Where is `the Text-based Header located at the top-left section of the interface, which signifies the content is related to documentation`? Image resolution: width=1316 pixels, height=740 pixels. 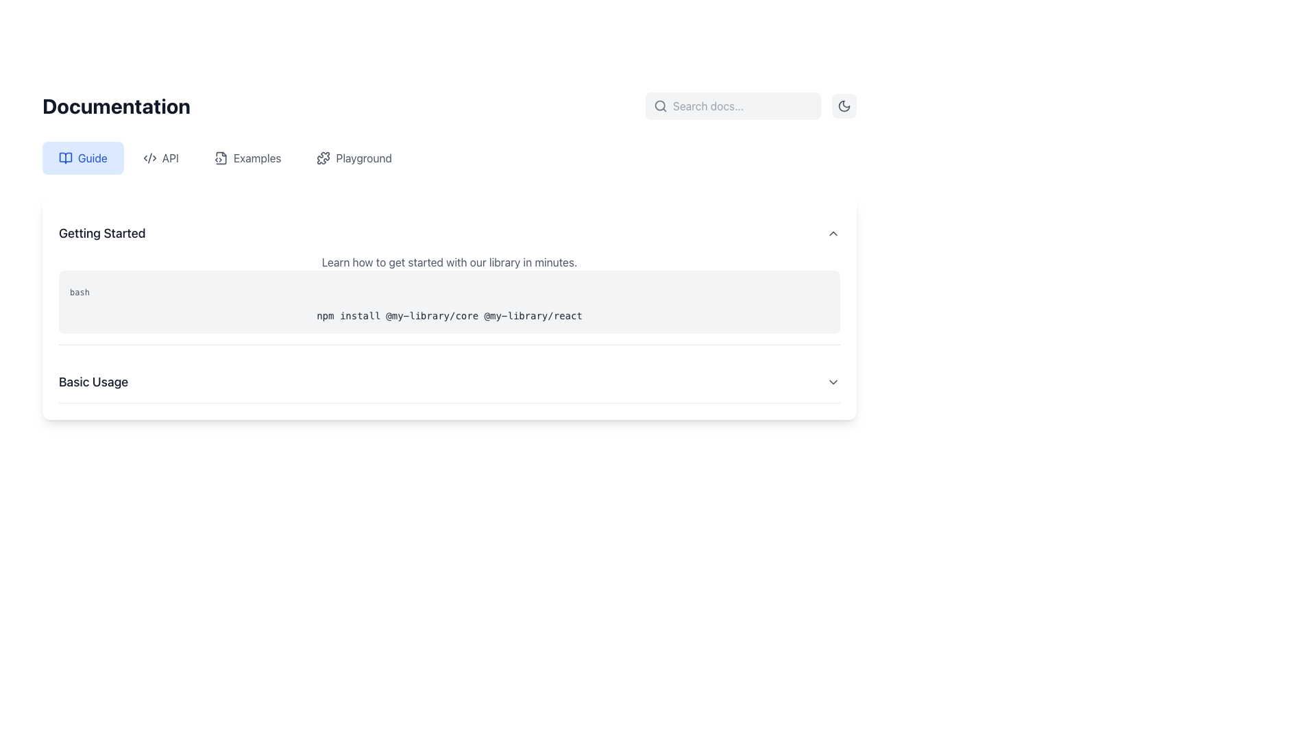 the Text-based Header located at the top-left section of the interface, which signifies the content is related to documentation is located at coordinates (117, 105).